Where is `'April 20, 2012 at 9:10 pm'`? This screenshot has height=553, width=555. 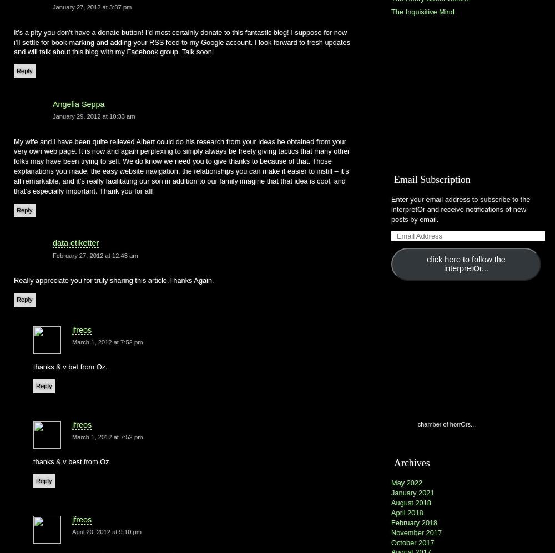
'April 20, 2012 at 9:10 pm' is located at coordinates (106, 531).